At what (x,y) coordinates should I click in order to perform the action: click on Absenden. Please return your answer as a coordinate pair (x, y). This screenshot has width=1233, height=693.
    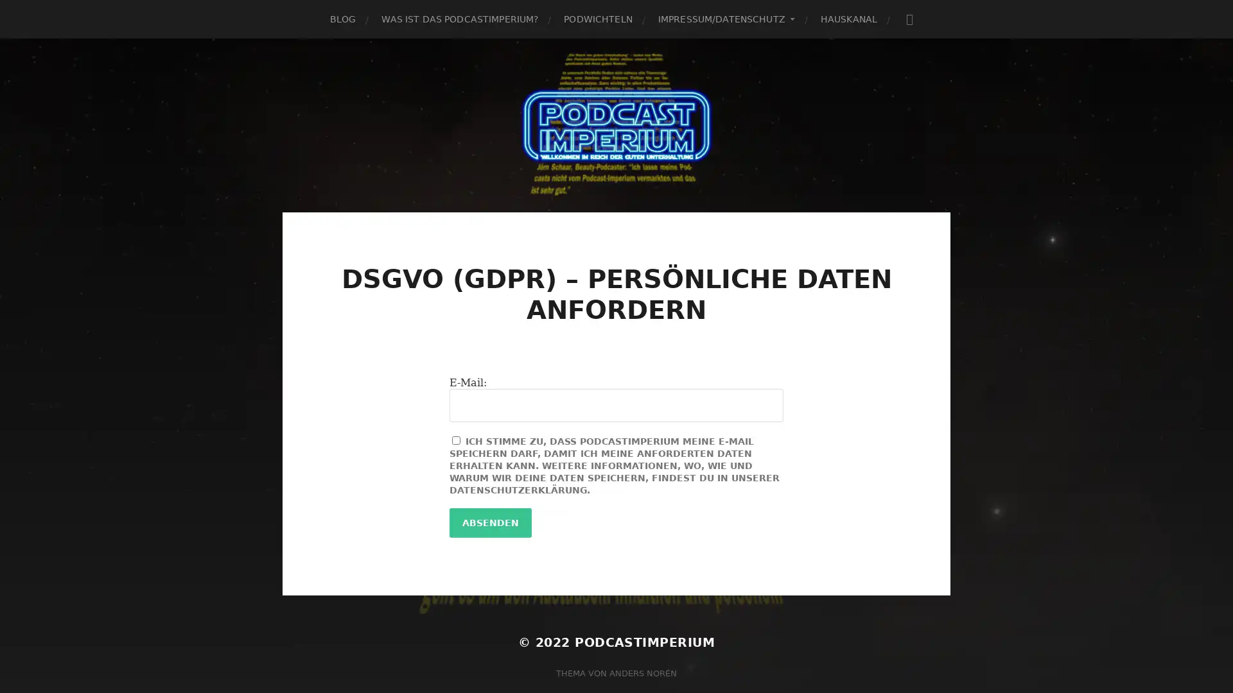
    Looking at the image, I should click on (489, 522).